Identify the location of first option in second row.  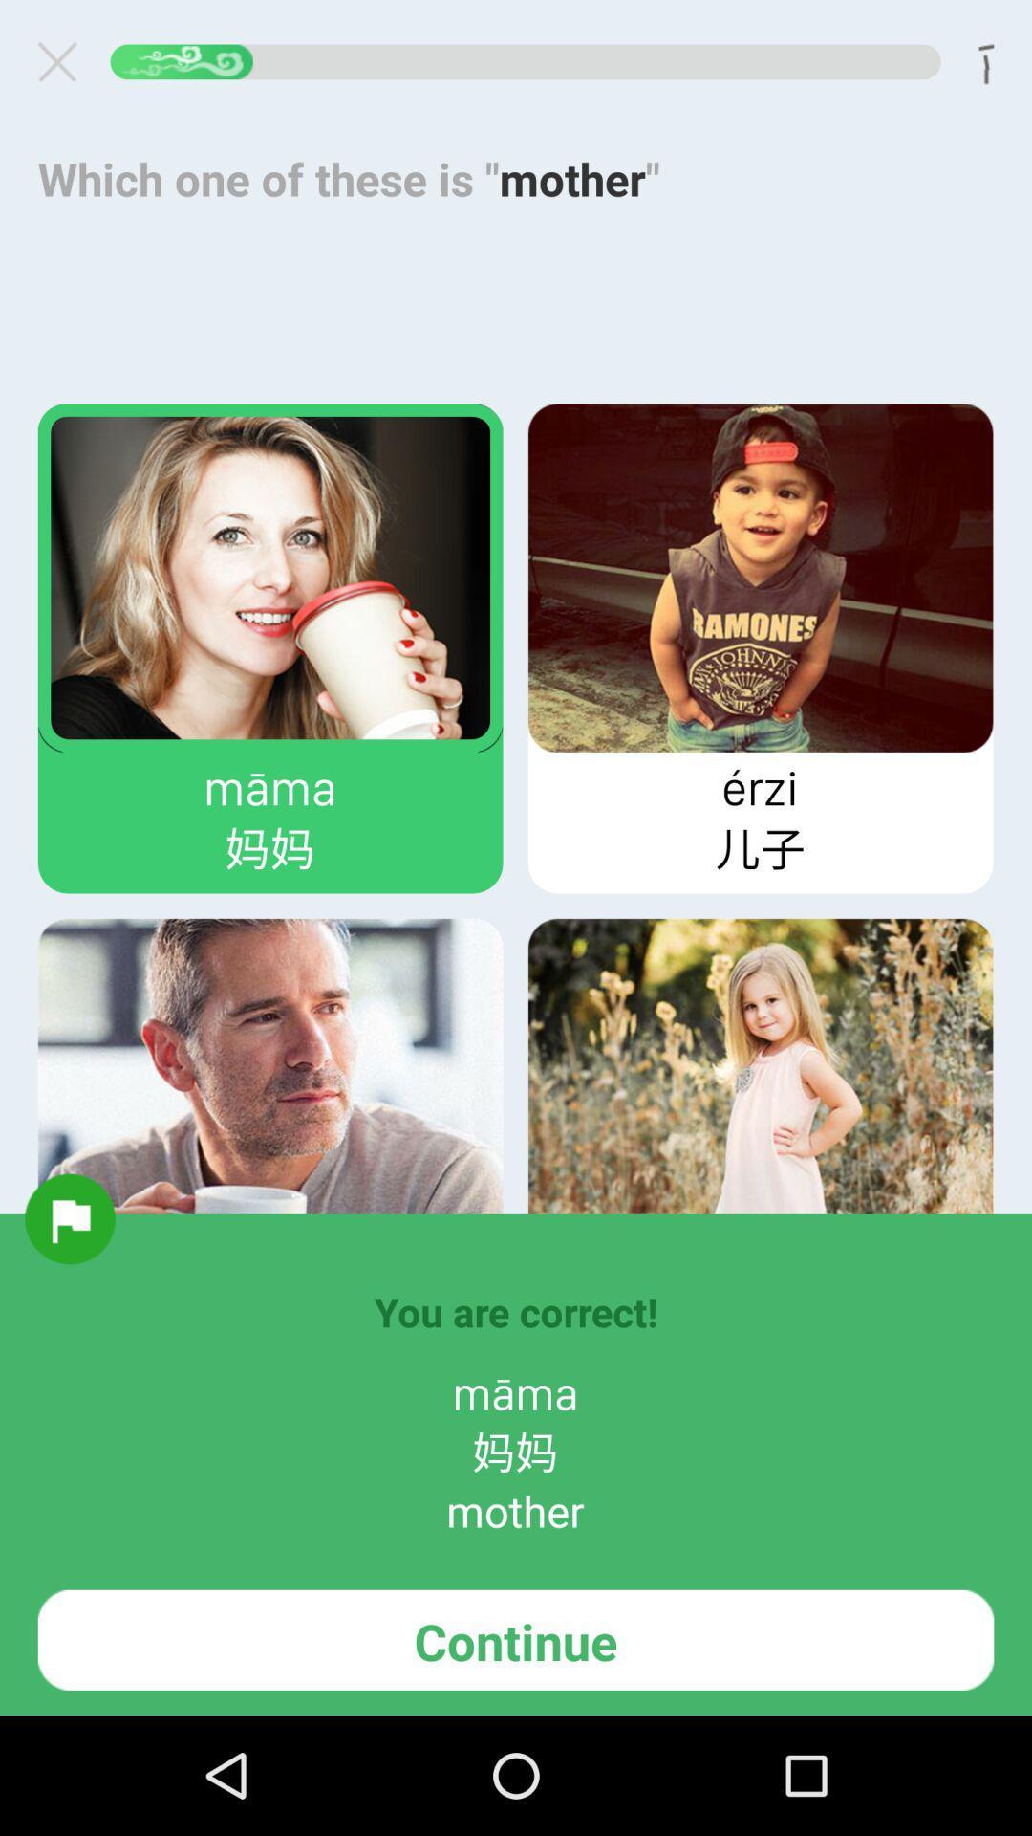
(270, 1092).